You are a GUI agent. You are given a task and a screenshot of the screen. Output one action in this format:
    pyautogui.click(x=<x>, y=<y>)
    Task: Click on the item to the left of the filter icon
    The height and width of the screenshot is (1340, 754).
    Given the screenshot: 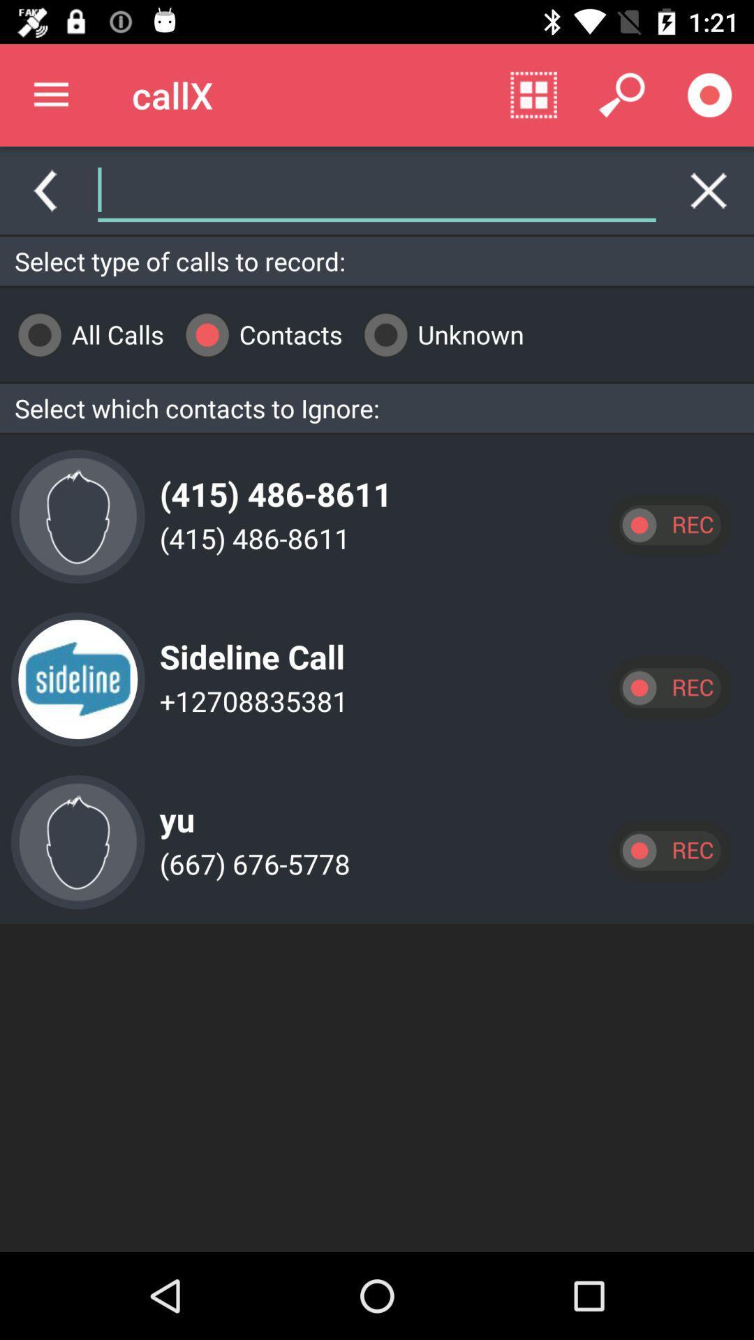 What is the action you would take?
    pyautogui.click(x=334, y=190)
    